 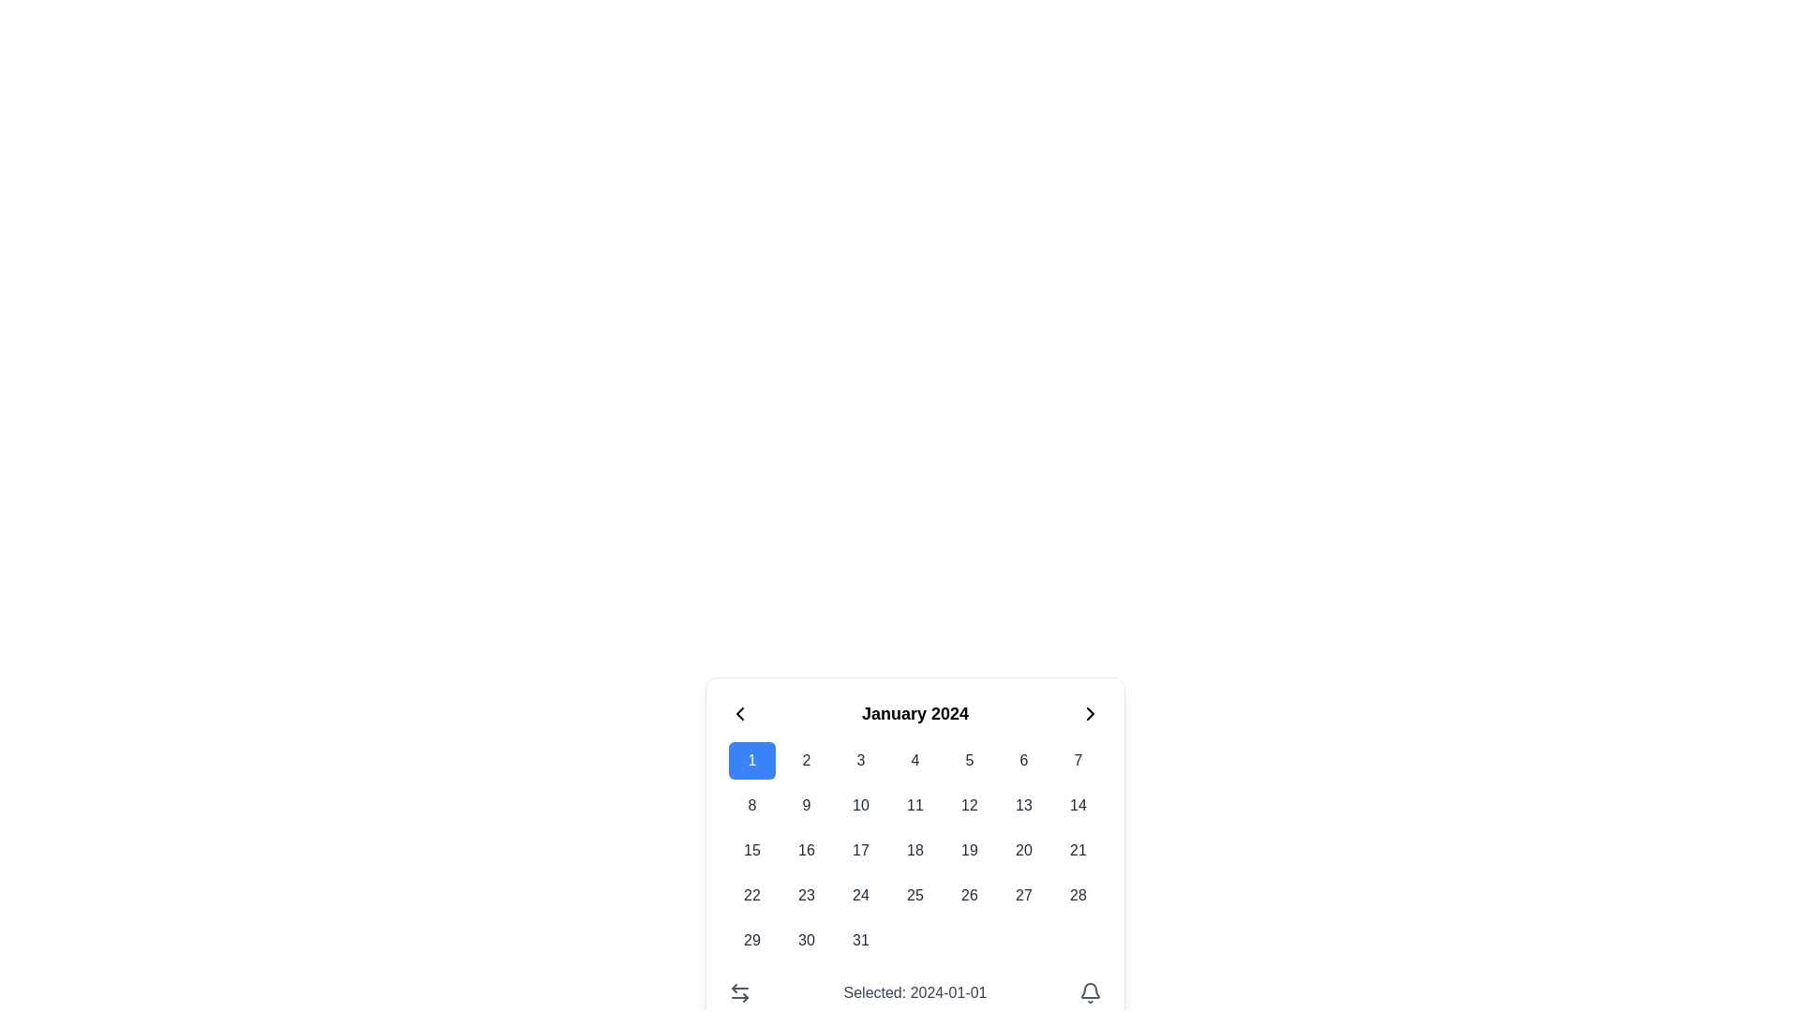 I want to click on the date '17' by clicking on the button-like calendar cell which is styled with gray font and a hover effect, located in the third row and third column of the calendar grid, so click(x=859, y=850).